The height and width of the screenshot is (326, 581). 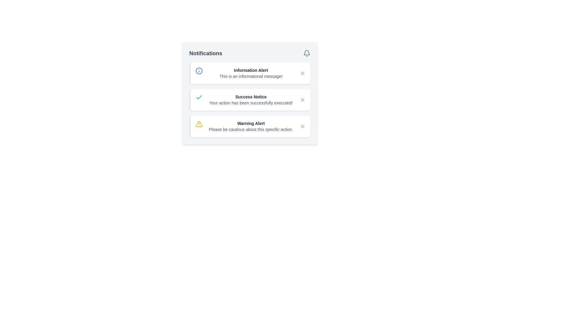 I want to click on the Decorative warning triangle icon located inside the third notification tile, positioned to the left of the 'Warning Alert' text, so click(x=199, y=123).